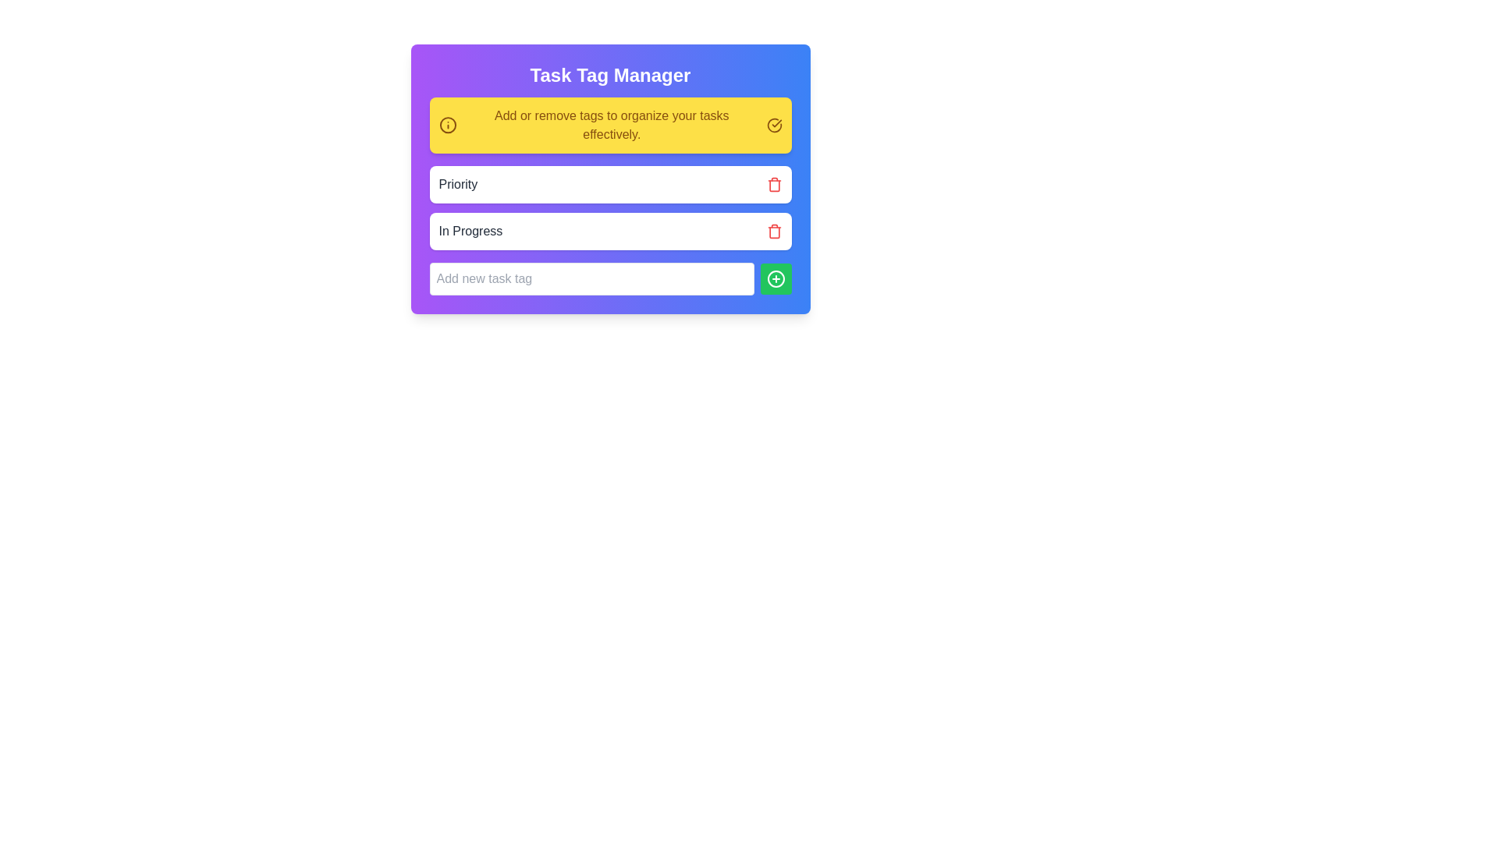  Describe the element at coordinates (591, 278) in the screenshot. I see `the input field for adding new tags to tasks to focus on it` at that location.